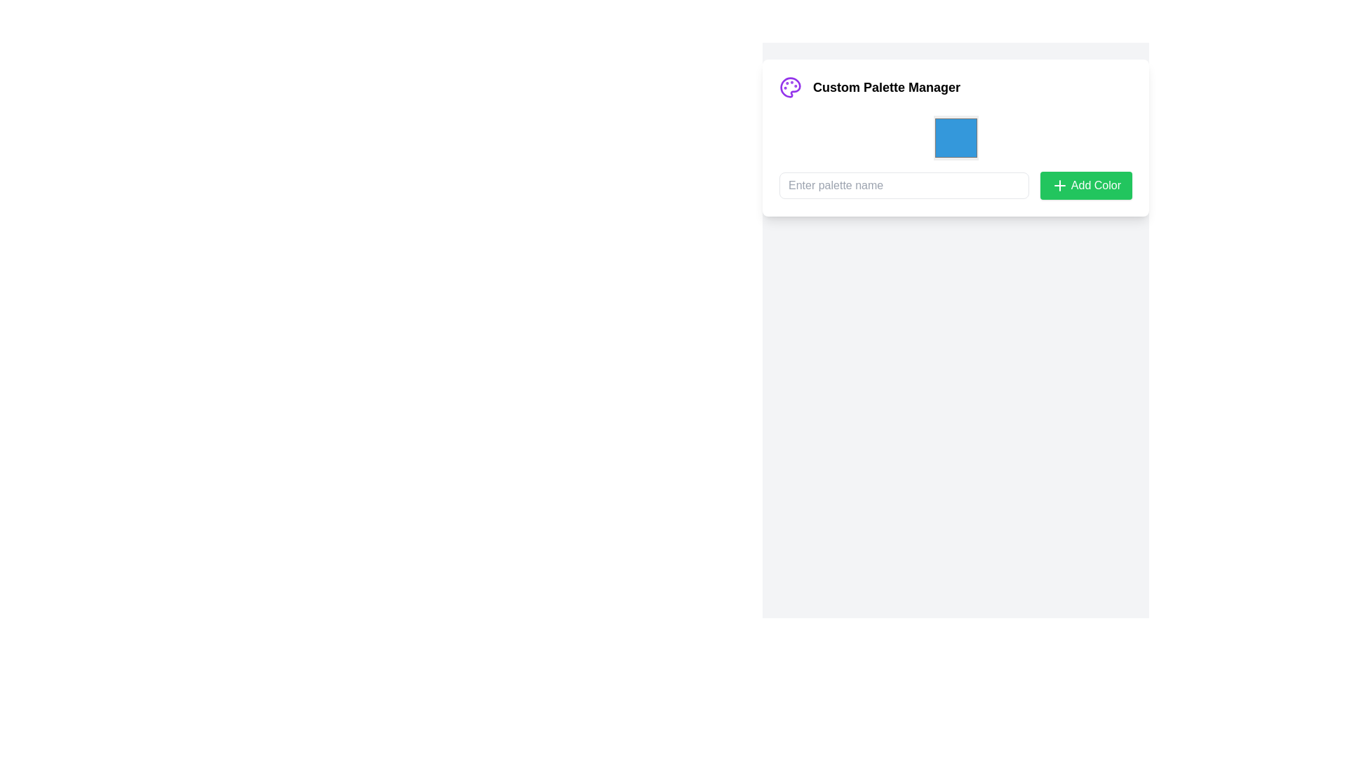 This screenshot has width=1347, height=757. I want to click on the green 'Add Color' button with a white plus icon located at the right end of the horizontal layout under the 'Custom Palette Manager' title, so click(1085, 185).